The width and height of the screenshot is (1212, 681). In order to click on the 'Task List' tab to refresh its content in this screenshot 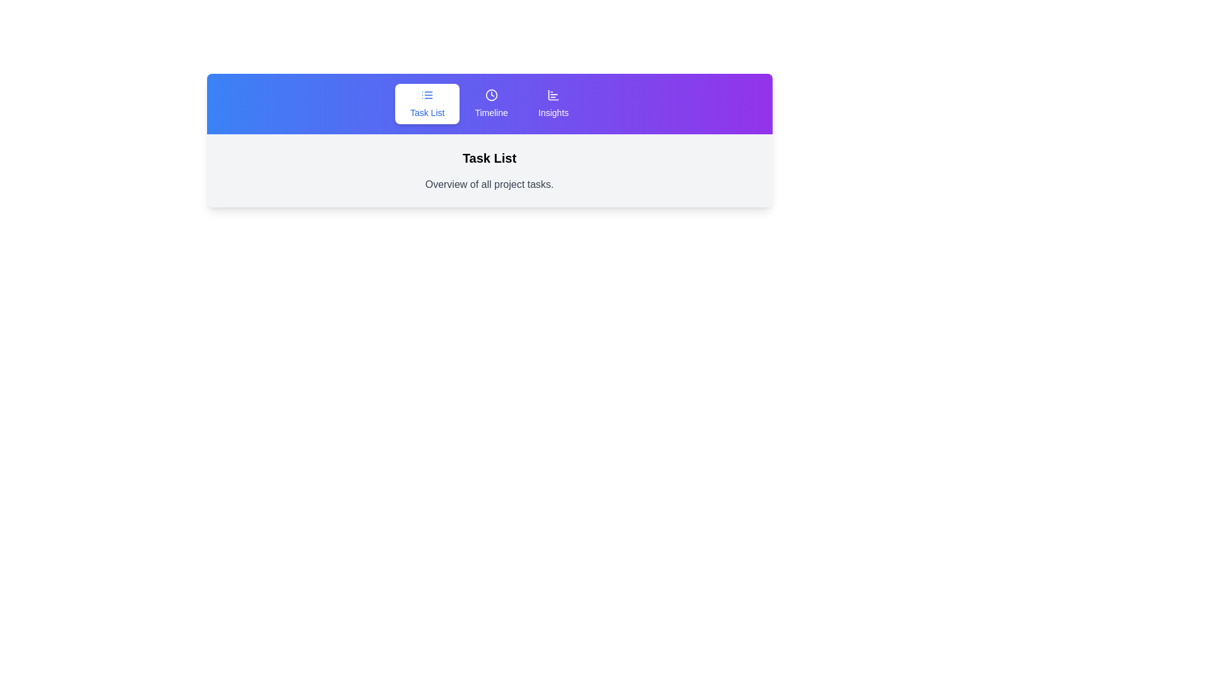, I will do `click(427, 103)`.